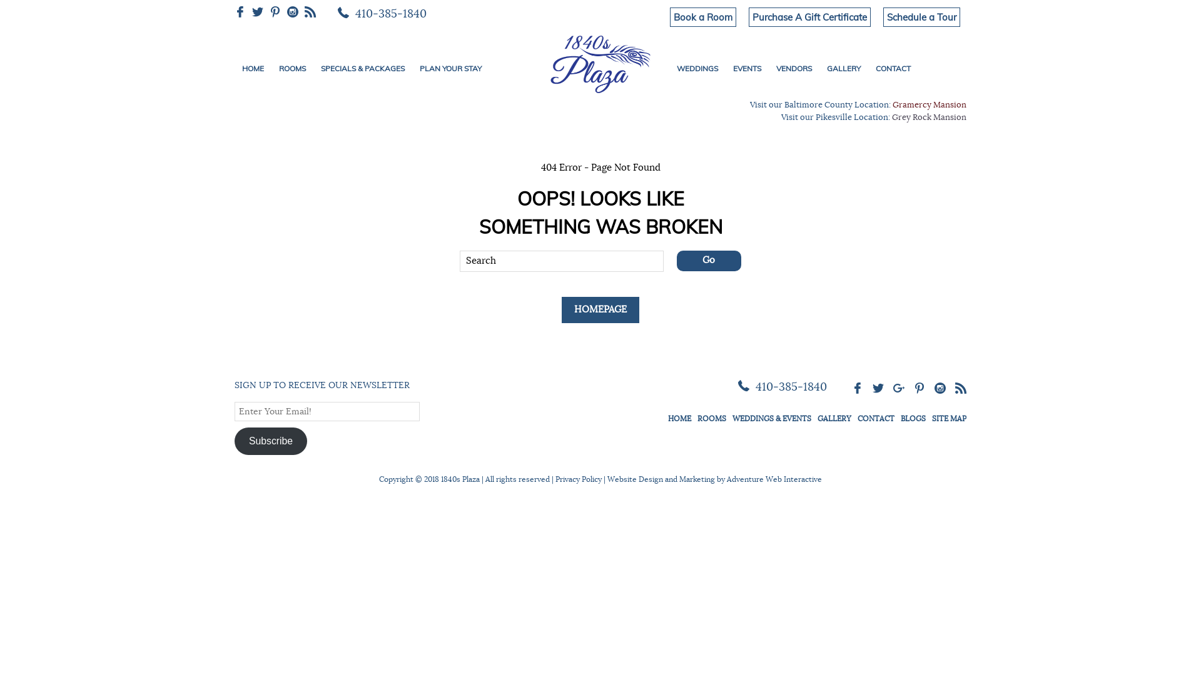 The height and width of the screenshot is (675, 1201). I want to click on 'Privacy Policy', so click(555, 479).